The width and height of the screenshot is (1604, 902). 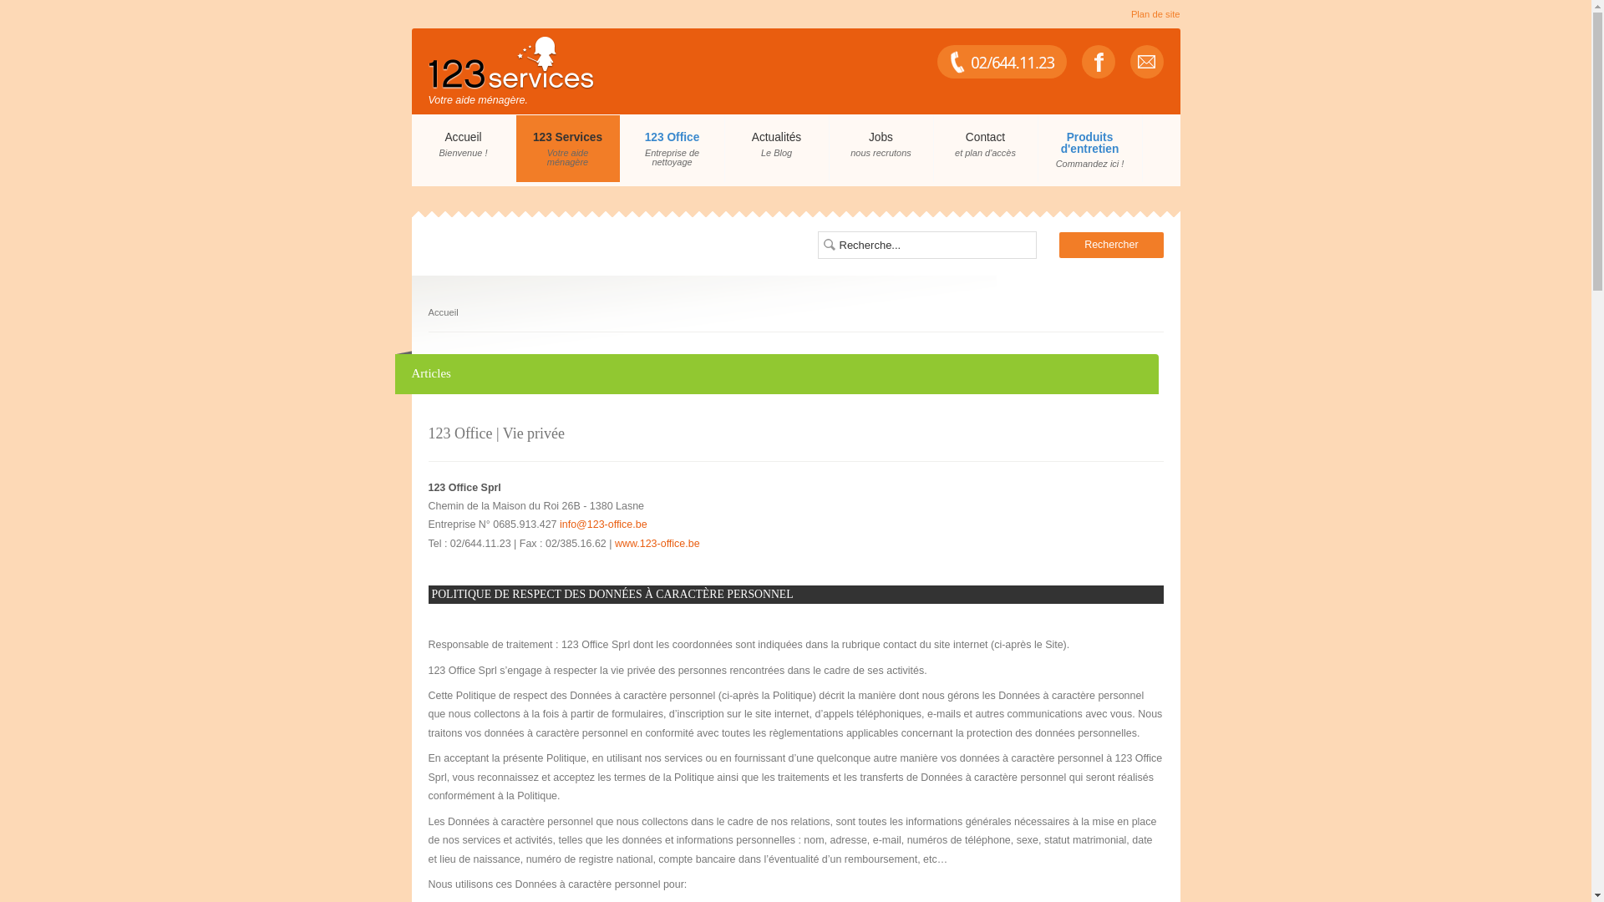 What do you see at coordinates (657, 544) in the screenshot?
I see `'www.123-office.be'` at bounding box center [657, 544].